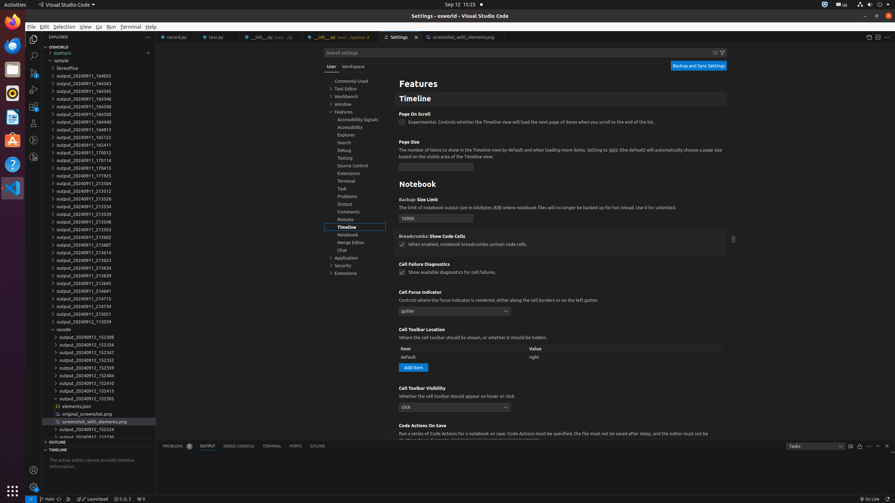 This screenshot has width=895, height=503. Describe the element at coordinates (355, 150) in the screenshot. I see `'Debug, group'` at that location.